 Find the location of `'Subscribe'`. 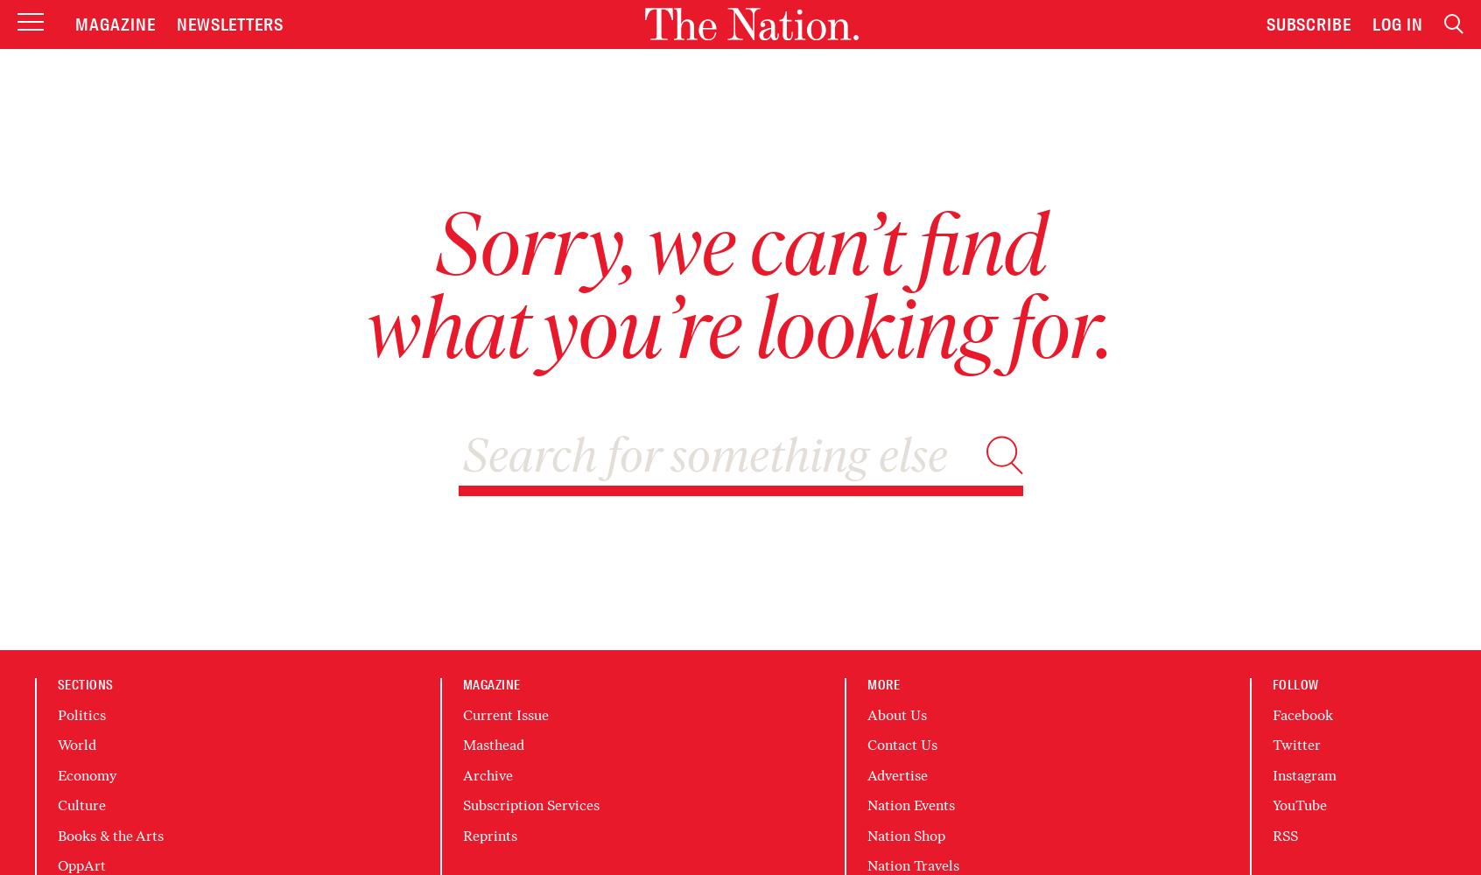

'Subscribe' is located at coordinates (1309, 24).